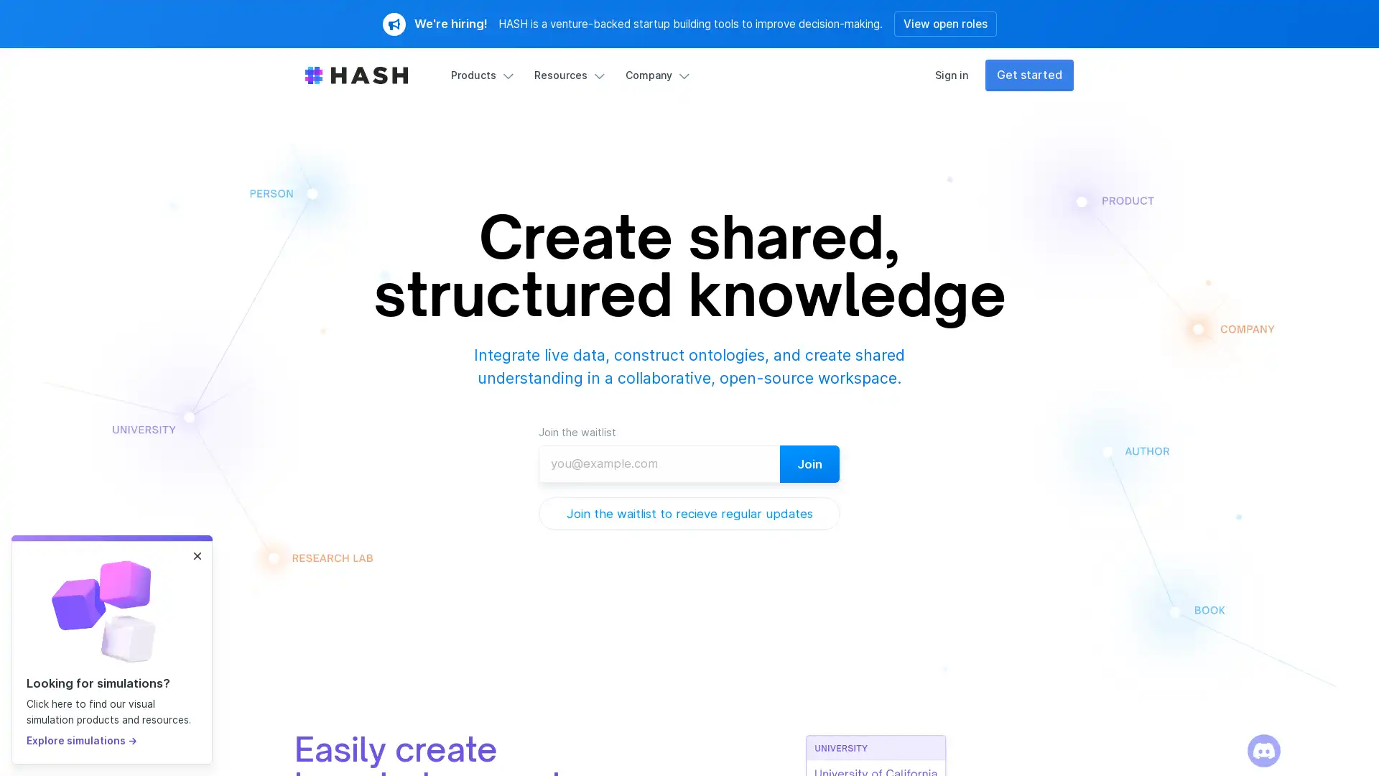 Image resolution: width=1379 pixels, height=776 pixels. Describe the element at coordinates (809, 463) in the screenshot. I see `Join` at that location.